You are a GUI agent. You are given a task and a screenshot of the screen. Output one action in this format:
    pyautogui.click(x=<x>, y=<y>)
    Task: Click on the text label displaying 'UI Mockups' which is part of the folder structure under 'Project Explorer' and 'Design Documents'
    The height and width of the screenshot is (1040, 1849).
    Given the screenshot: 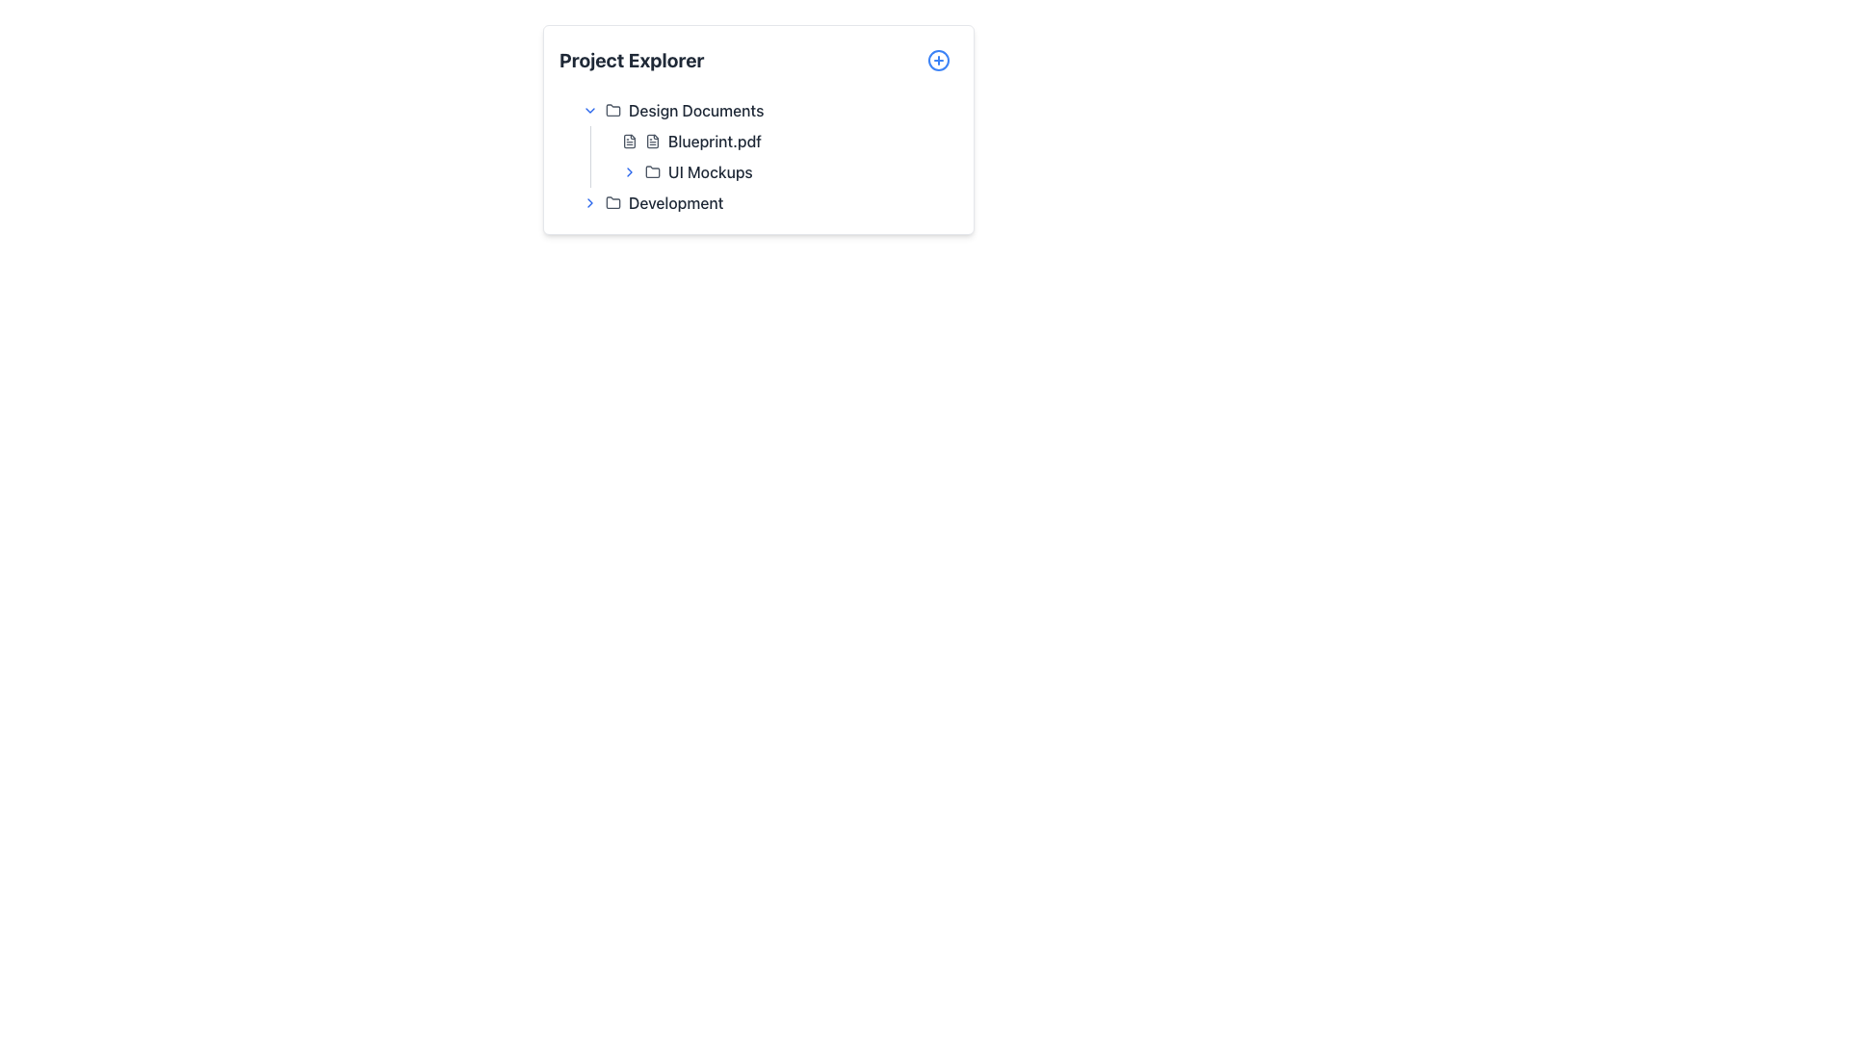 What is the action you would take?
    pyautogui.click(x=709, y=170)
    